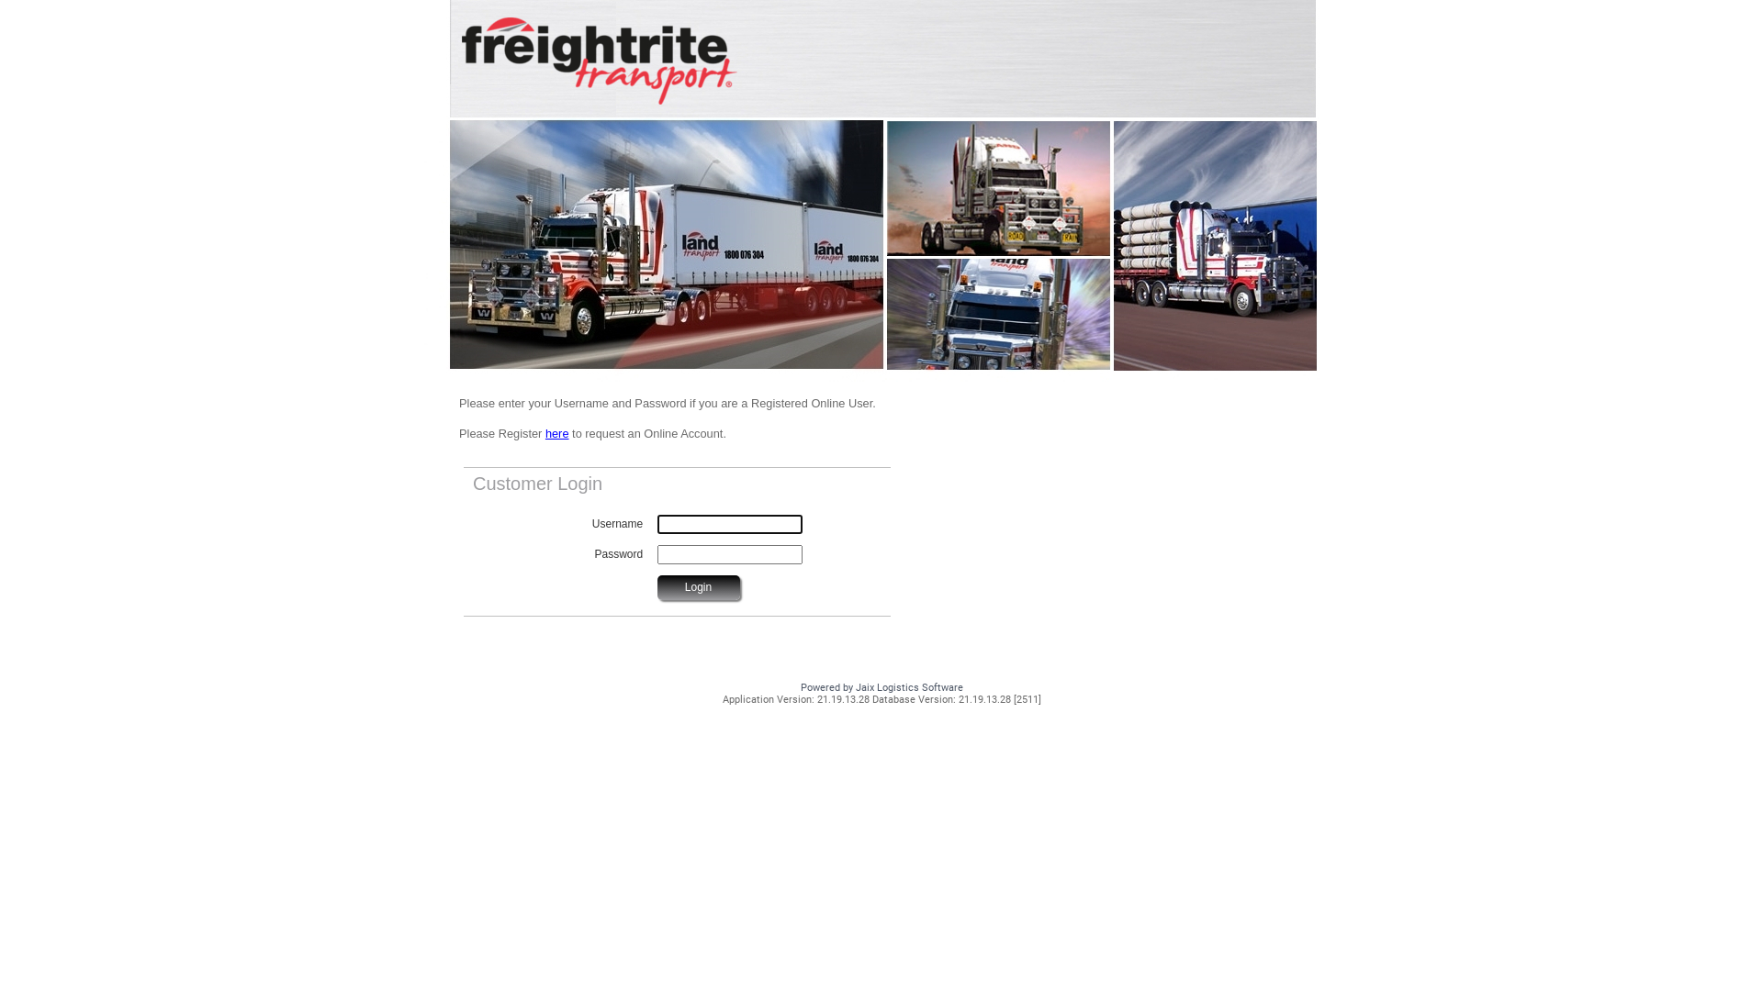 The width and height of the screenshot is (1763, 991). What do you see at coordinates (545, 433) in the screenshot?
I see `'here'` at bounding box center [545, 433].